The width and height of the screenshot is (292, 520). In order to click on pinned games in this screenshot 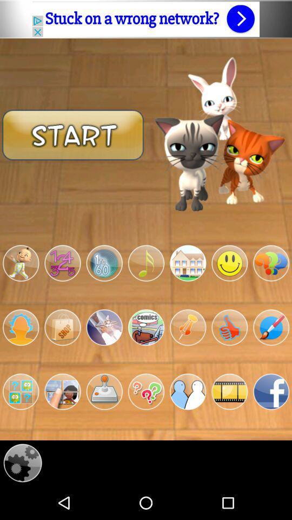, I will do `click(187, 327)`.